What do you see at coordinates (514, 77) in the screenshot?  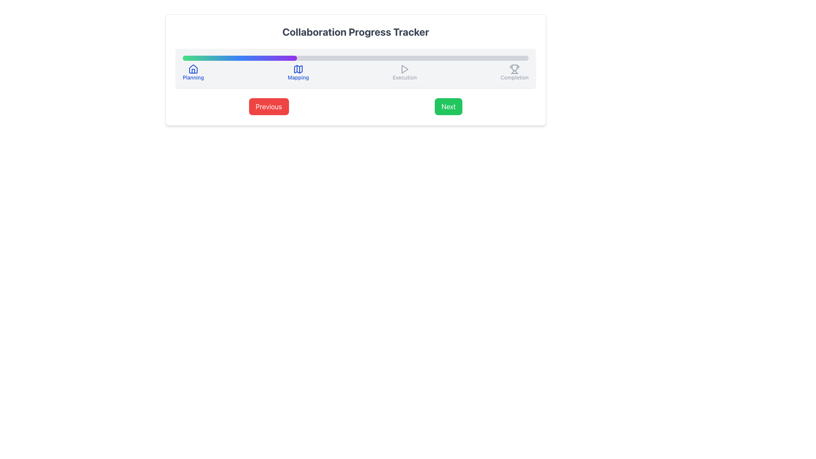 I see `the text label indicating the final stage of the 'Collaboration Progress Tracker', located on the far right below the trophy icon` at bounding box center [514, 77].